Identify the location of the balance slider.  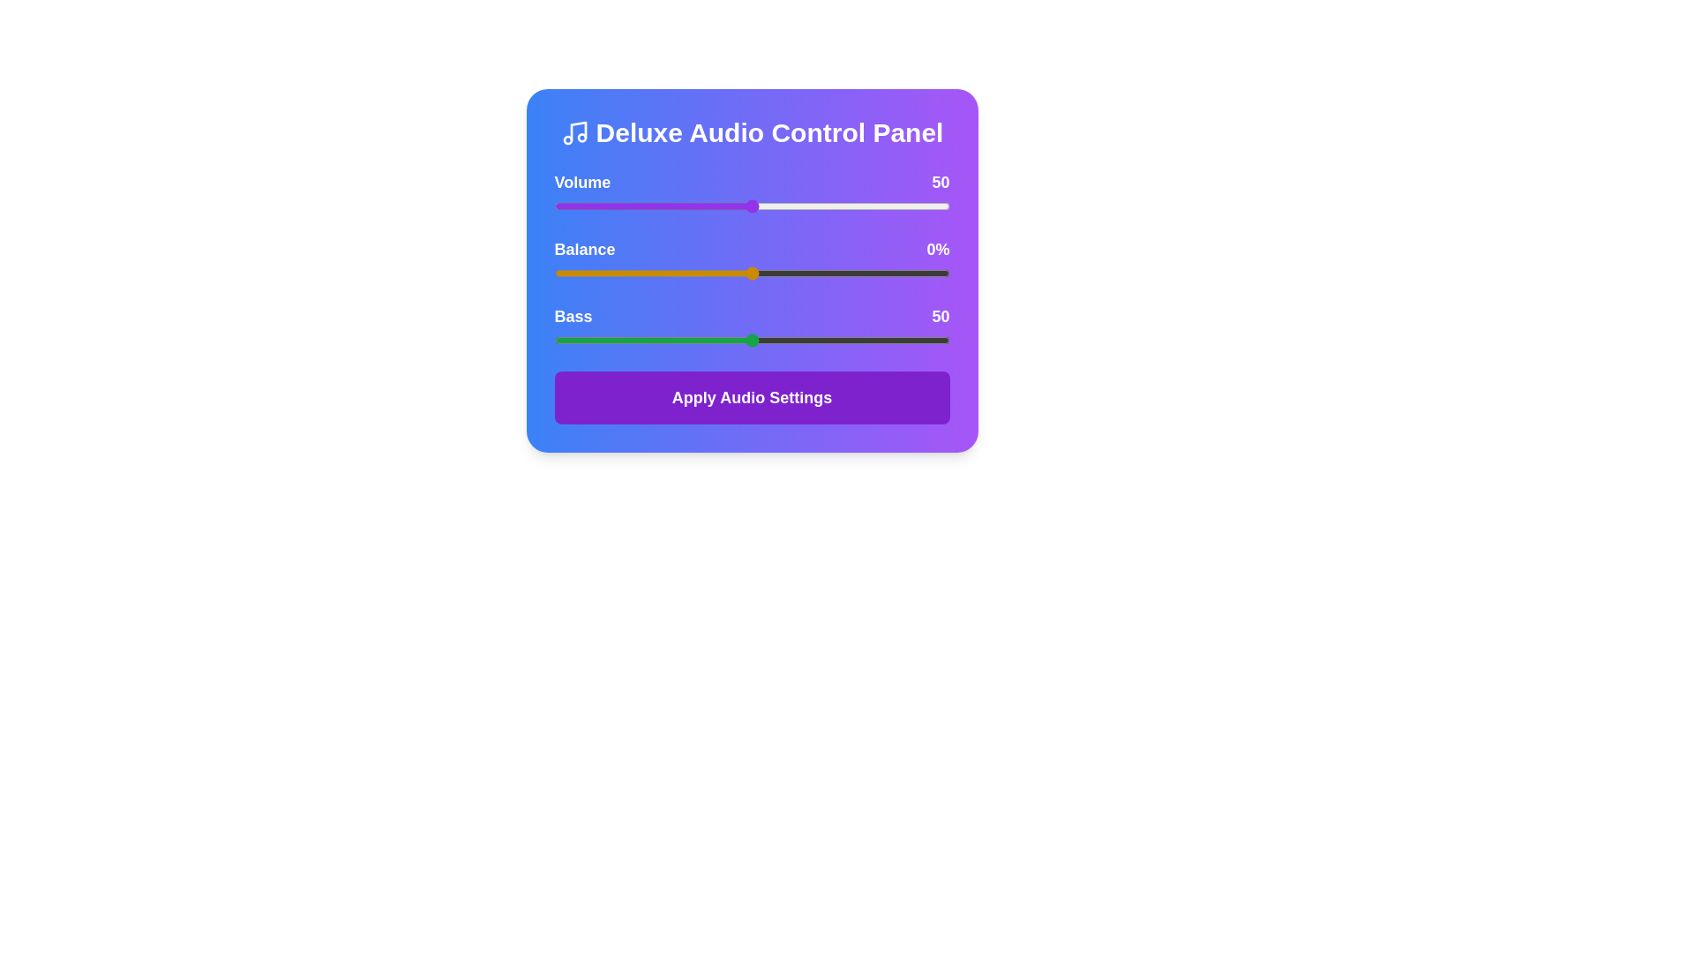
(837, 273).